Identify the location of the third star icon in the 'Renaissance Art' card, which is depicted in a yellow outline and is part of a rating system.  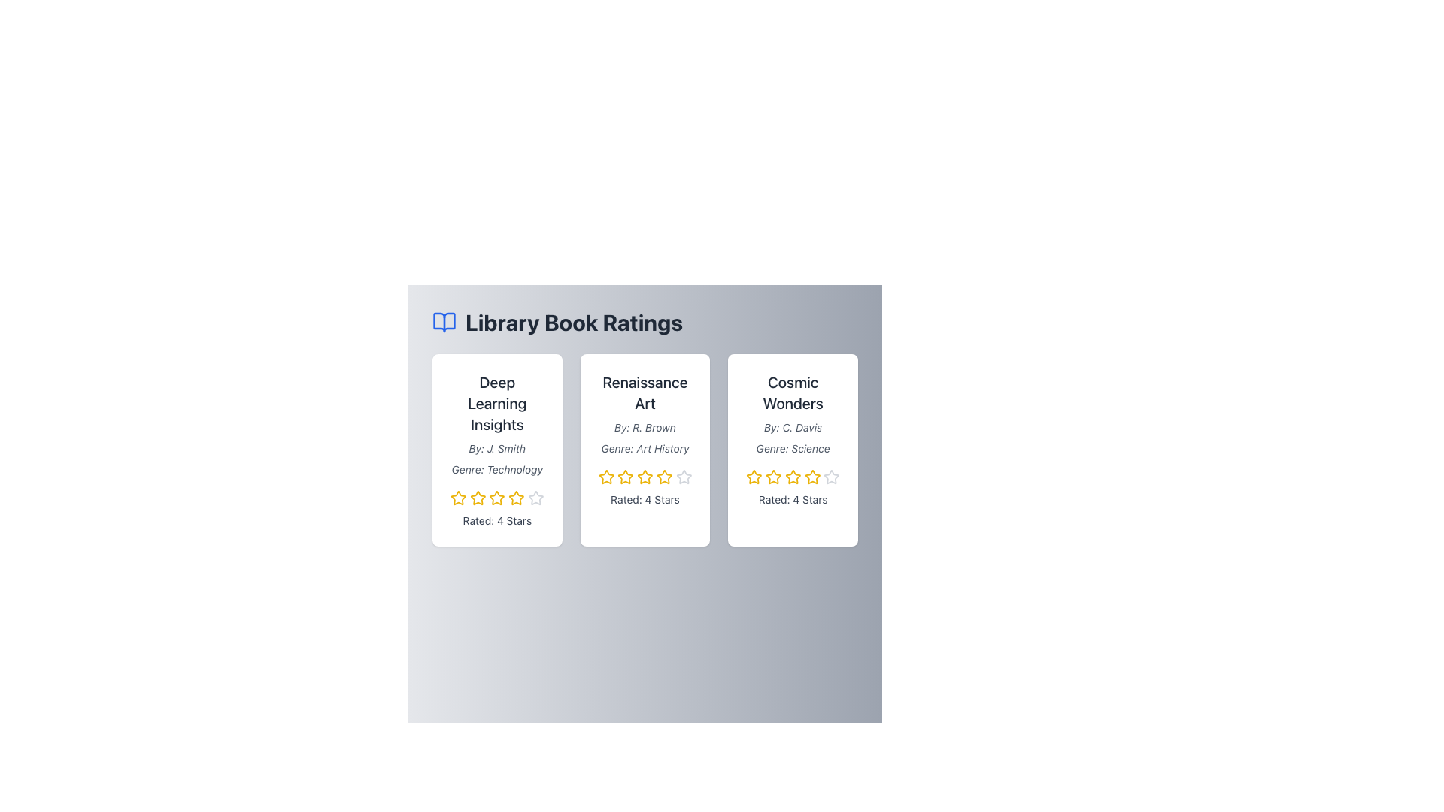
(663, 477).